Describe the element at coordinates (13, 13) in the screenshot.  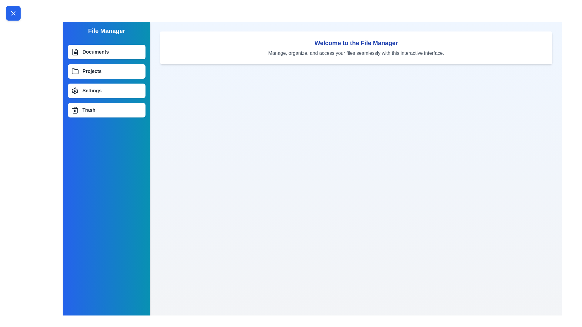
I see `toggle button at the top-left corner to toggle the visibility of the drawer` at that location.